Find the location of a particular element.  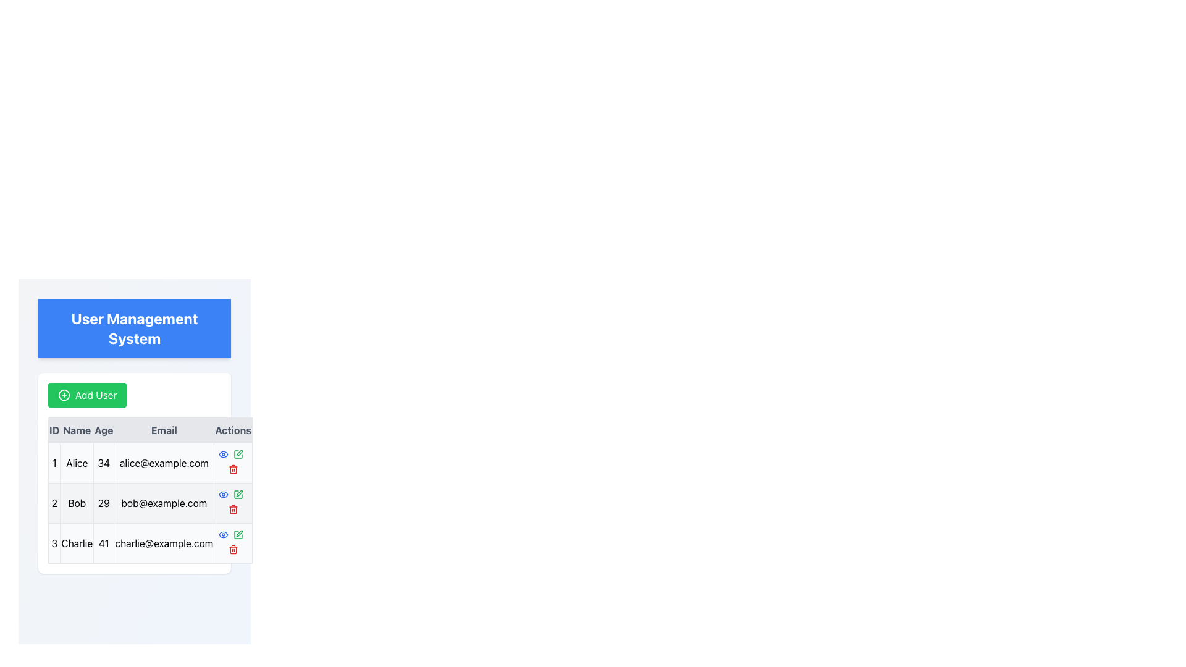

the delete button in the 'Actions' column of the third row, which is associated with the record for 'Charlie' is located at coordinates (233, 549).